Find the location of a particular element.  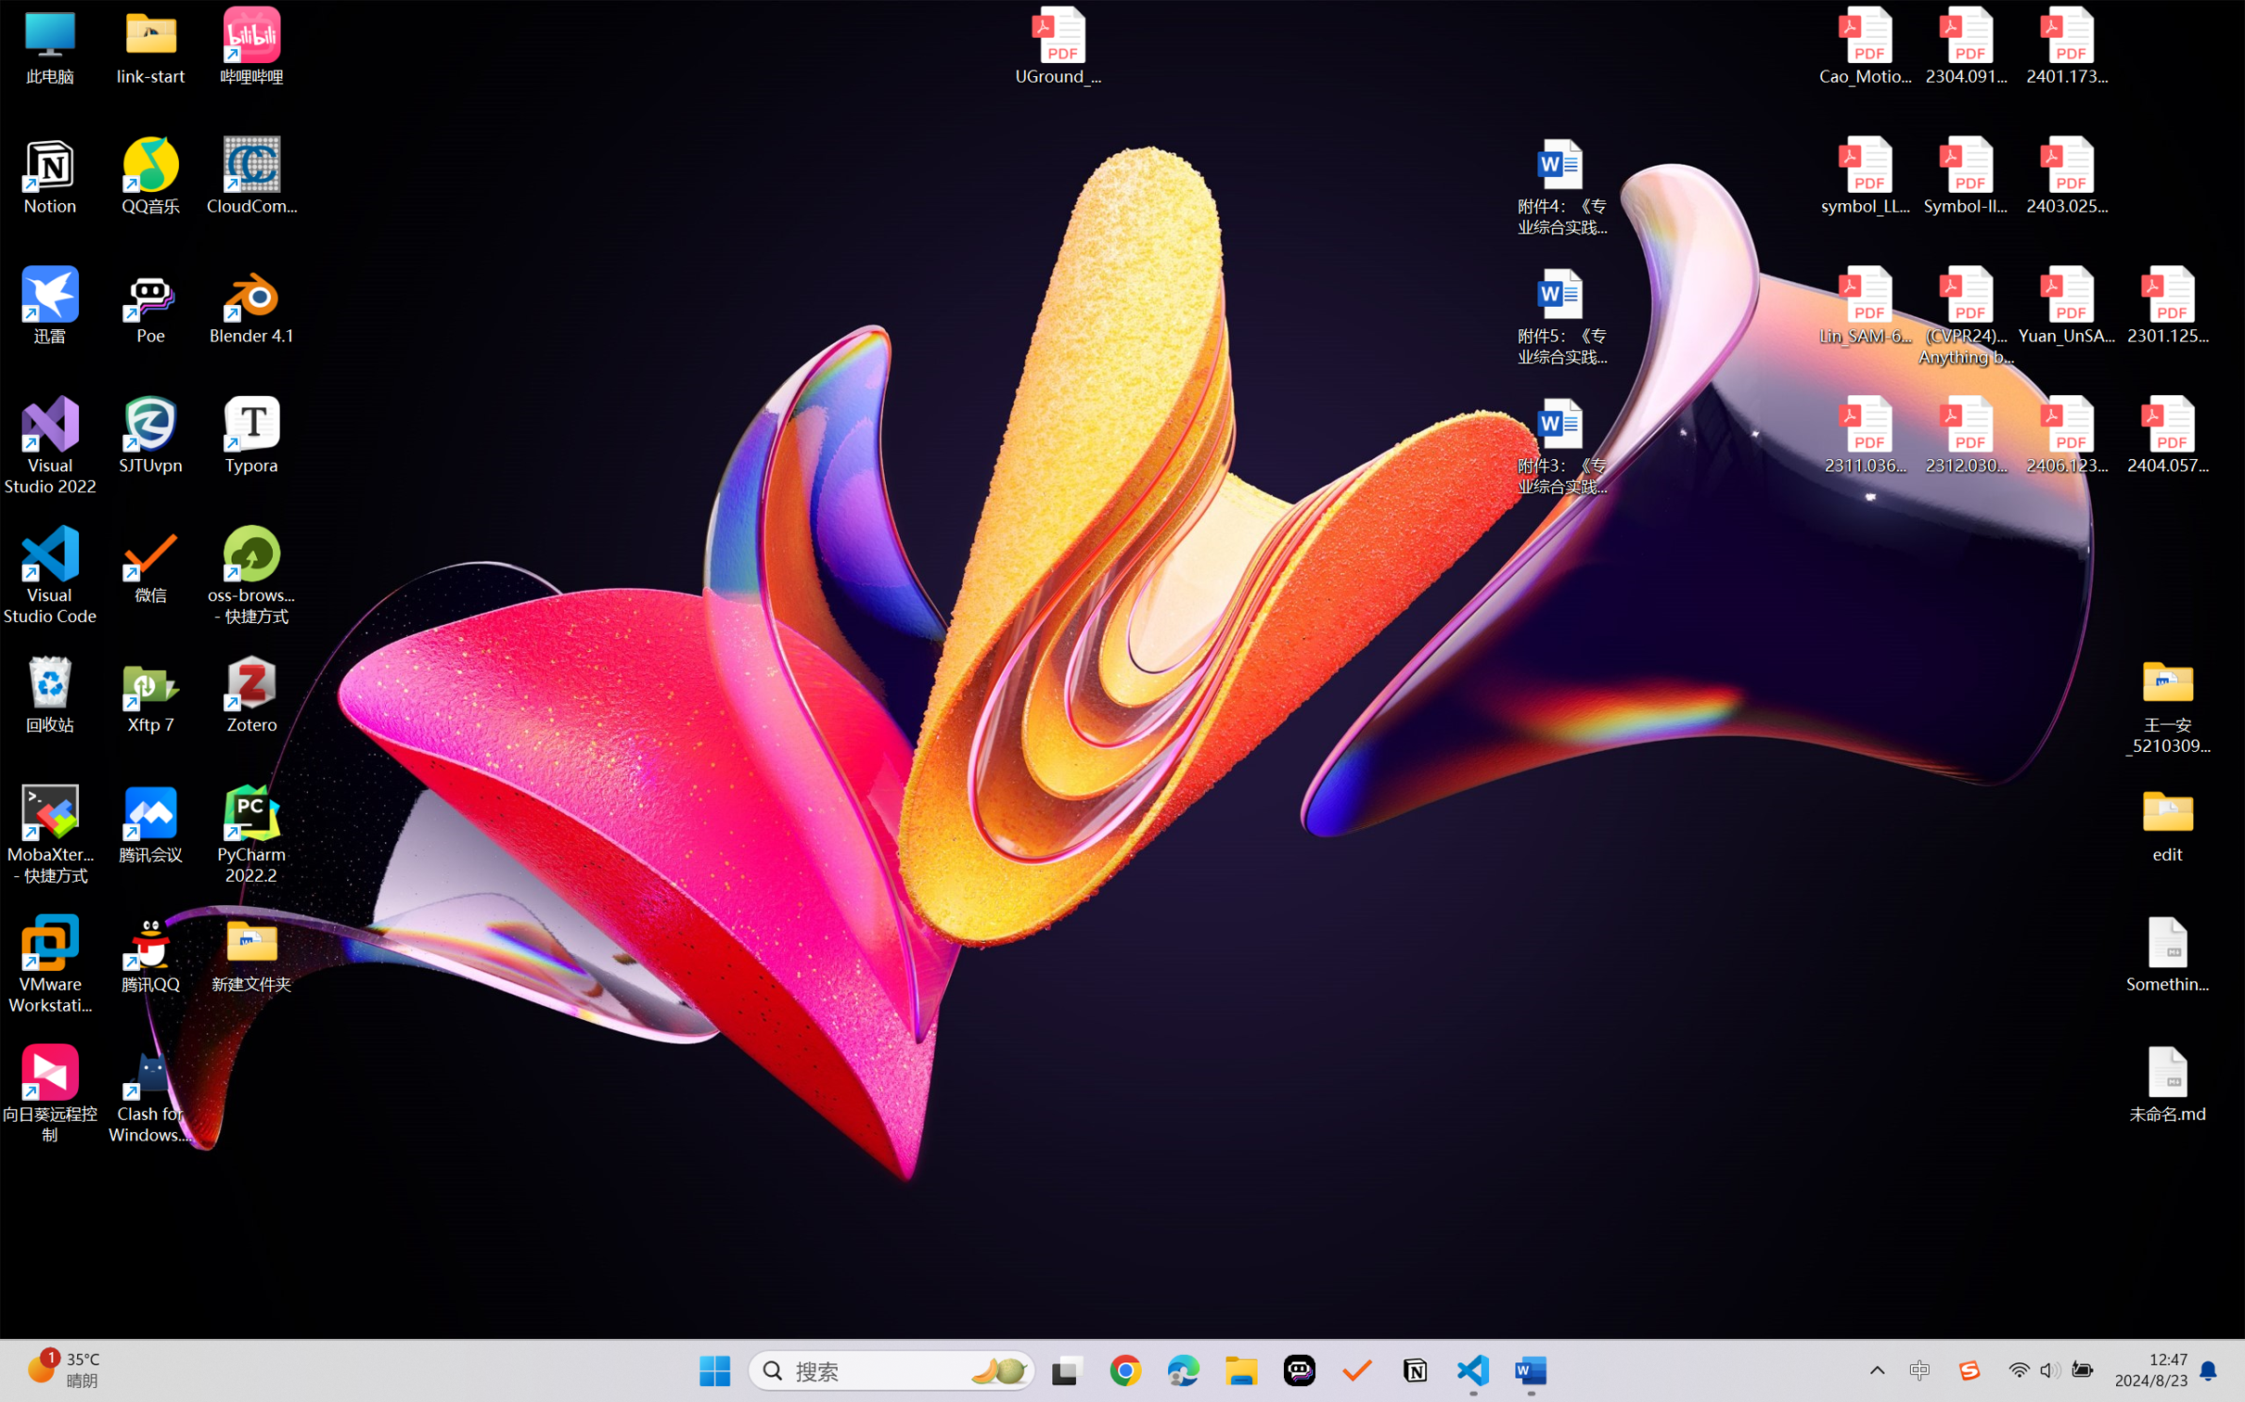

'2311.03658v2.pdf' is located at coordinates (1866, 435).